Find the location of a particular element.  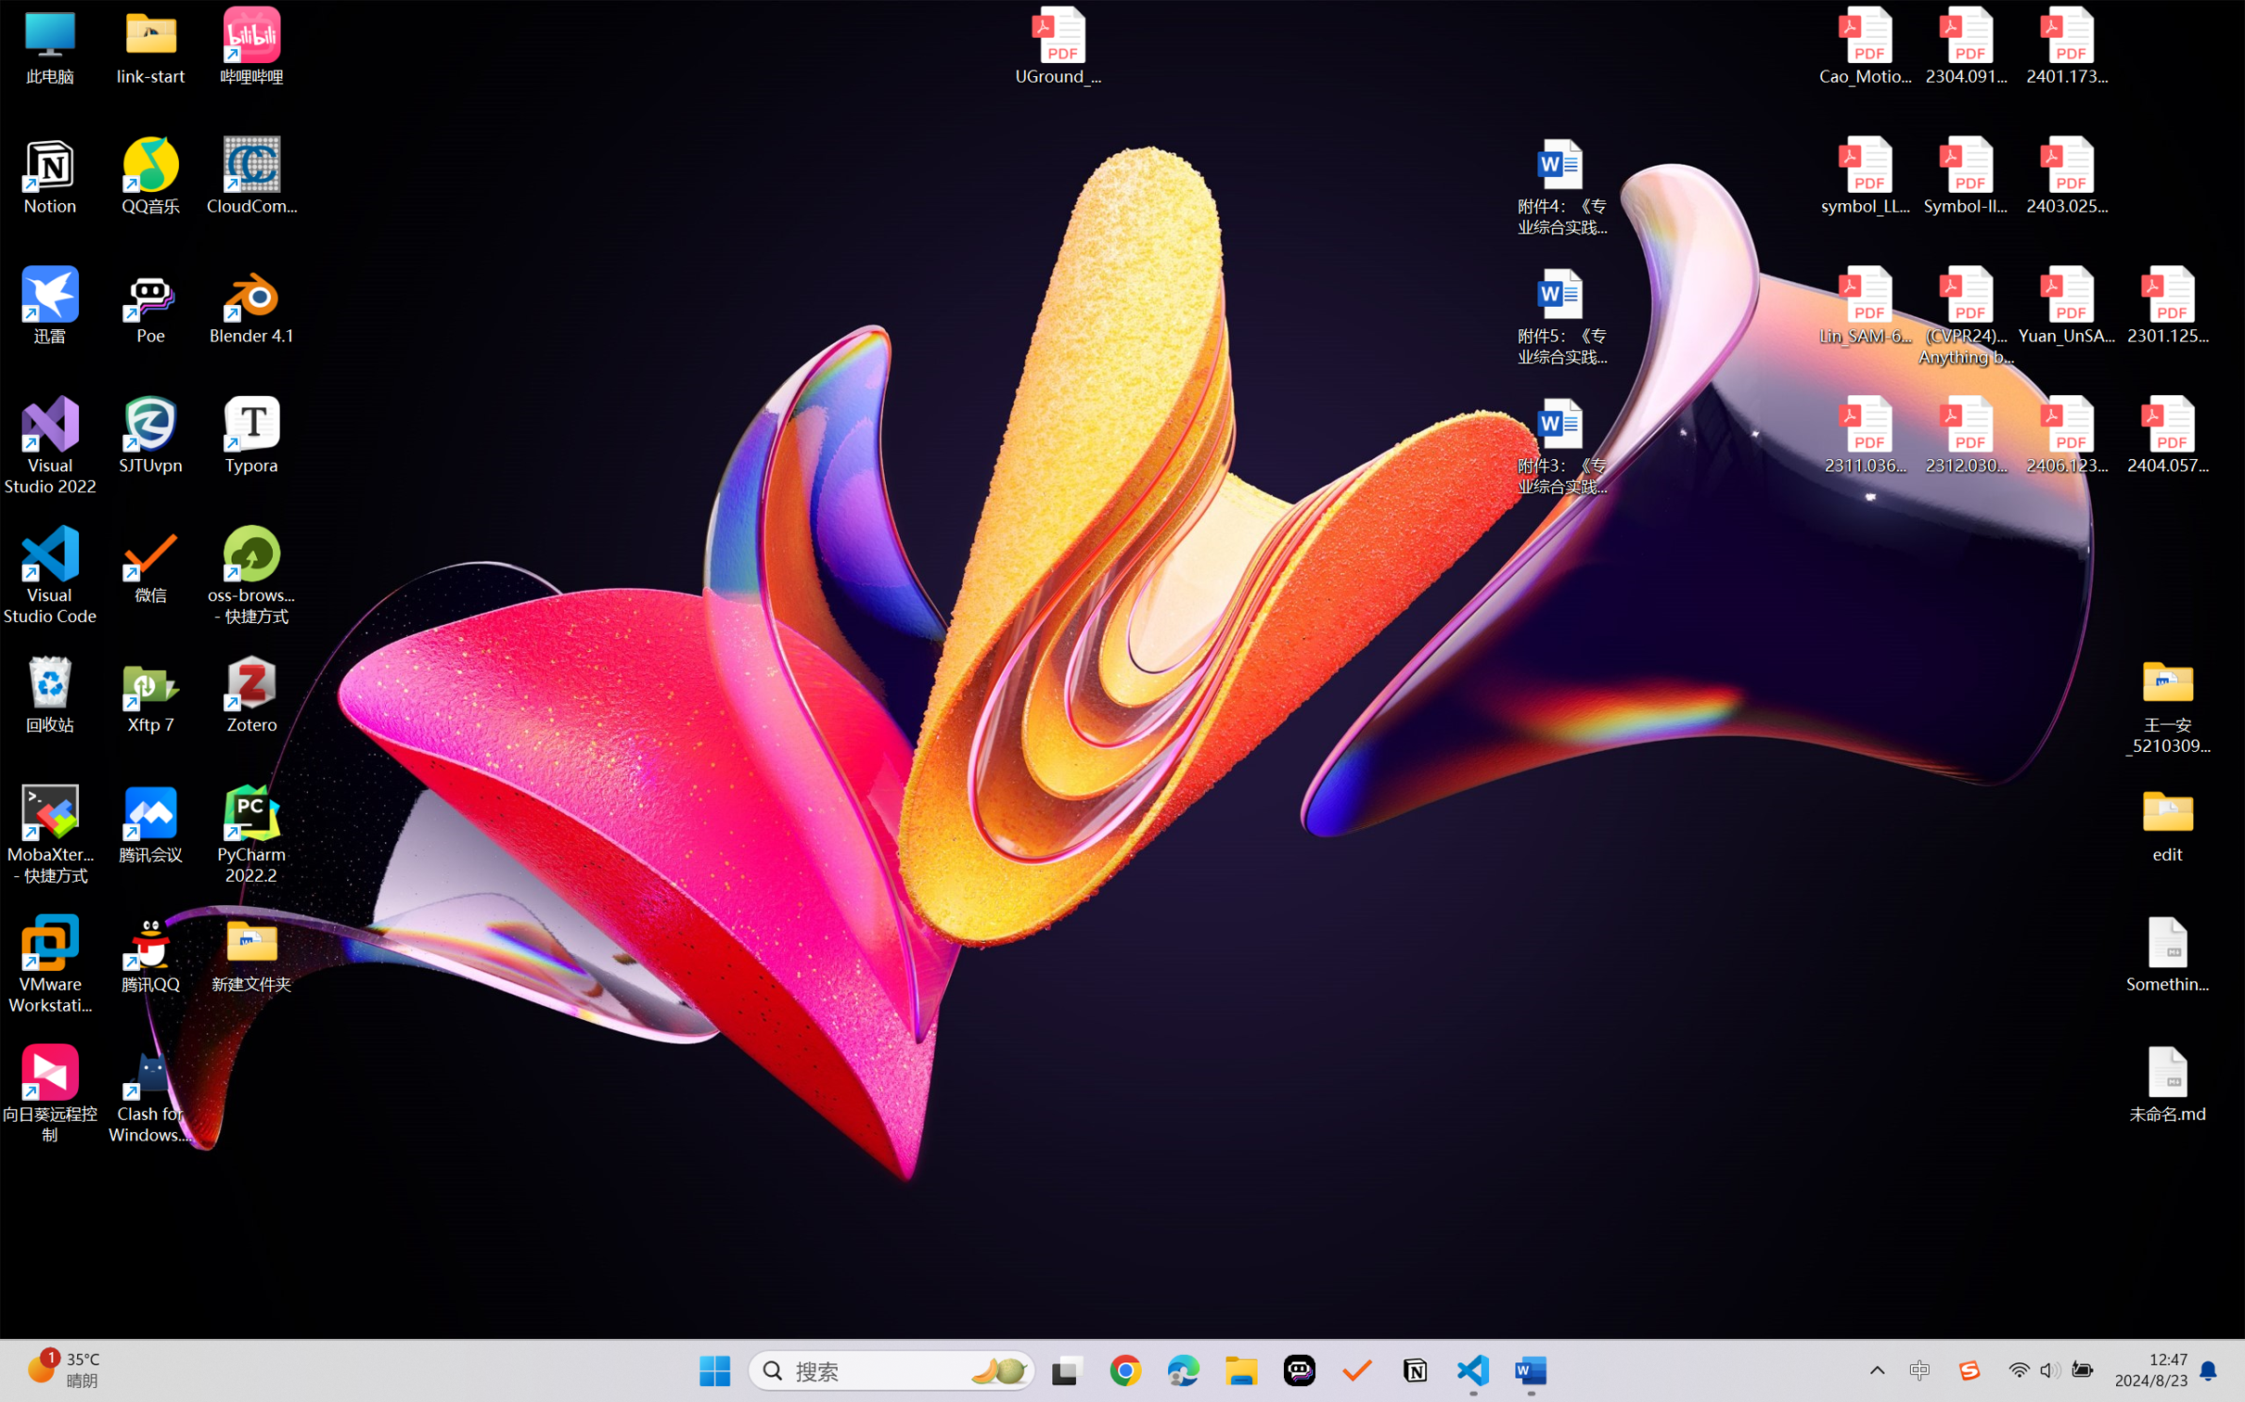

'2311.03658v2.pdf' is located at coordinates (1866, 435).